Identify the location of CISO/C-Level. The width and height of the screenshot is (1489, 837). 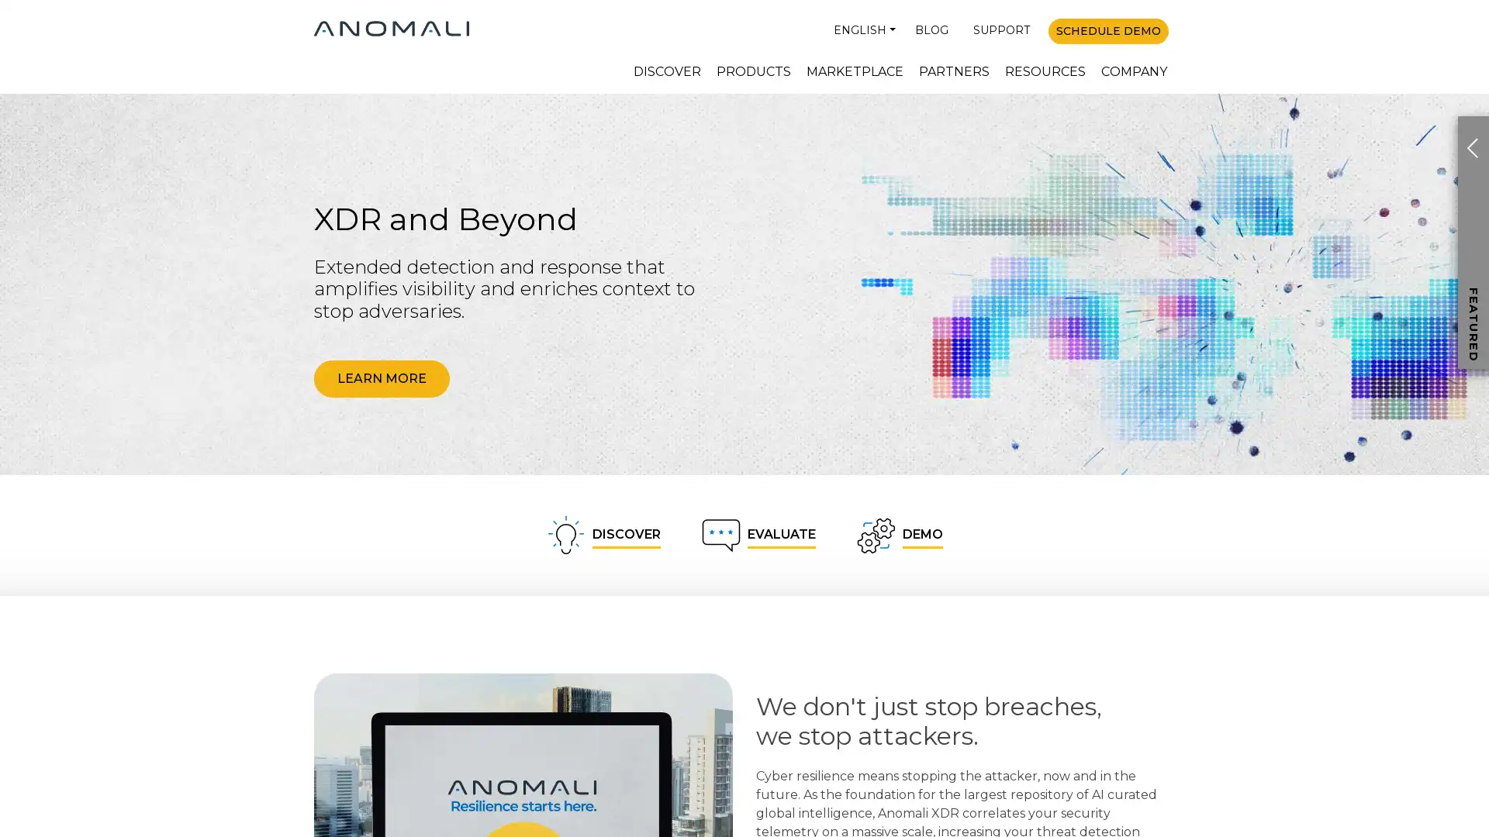
(1373, 384).